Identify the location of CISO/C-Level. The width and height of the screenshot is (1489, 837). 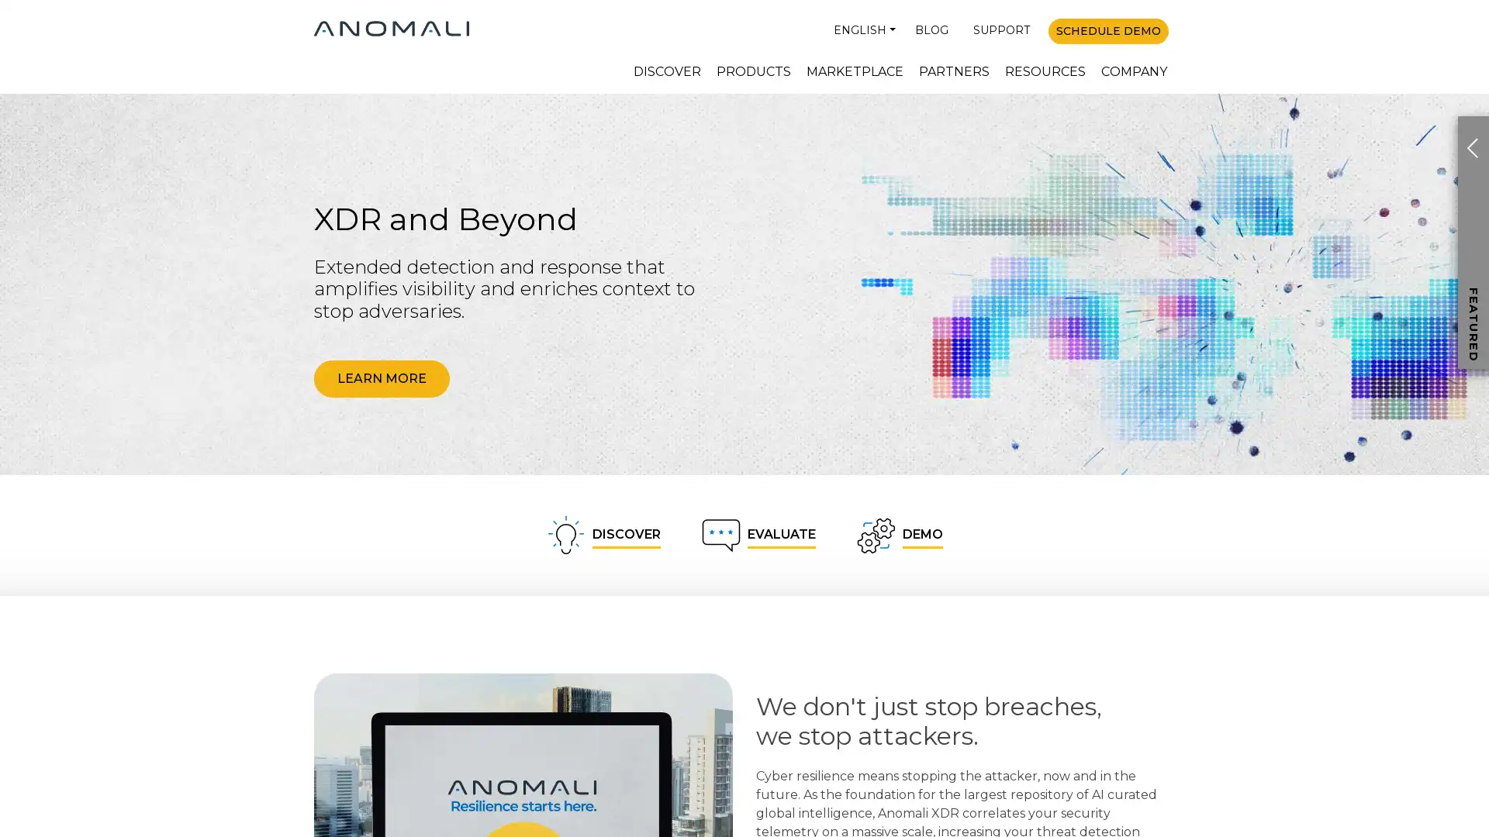
(1373, 384).